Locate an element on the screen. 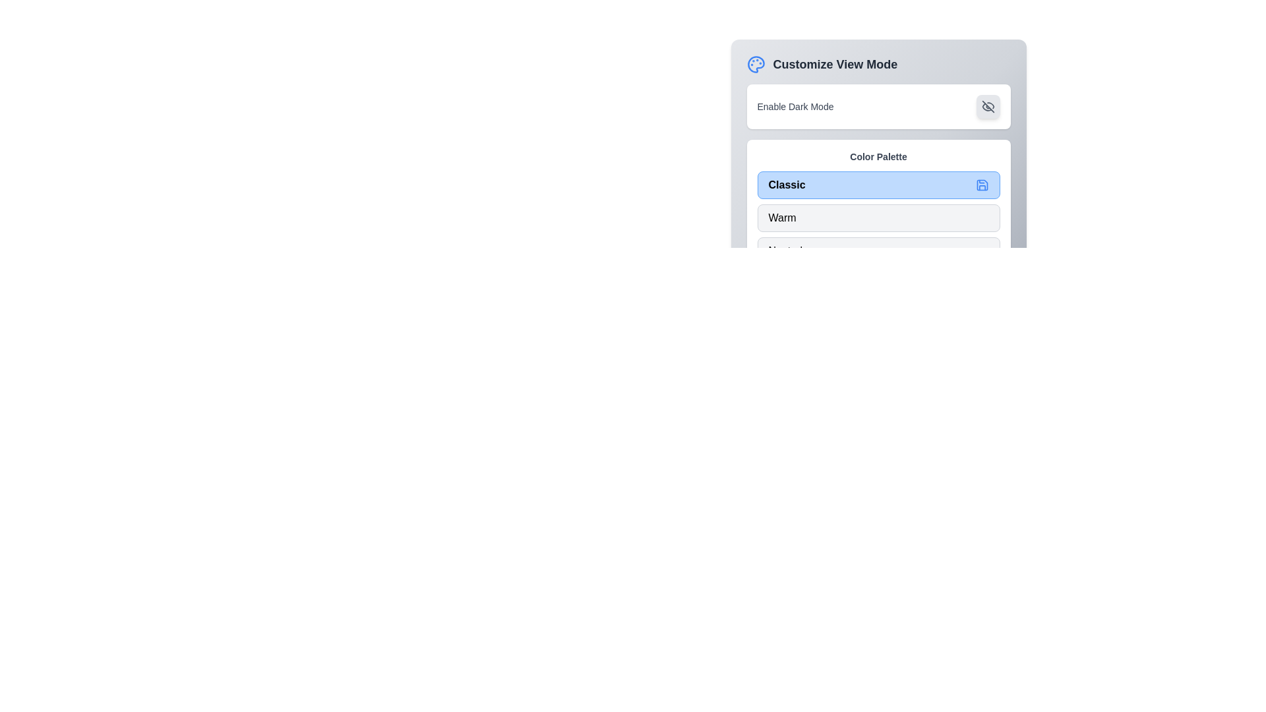 Image resolution: width=1266 pixels, height=712 pixels. the header label that provides a title for the customization settings, located to the right of a blue palette icon is located at coordinates (834, 64).